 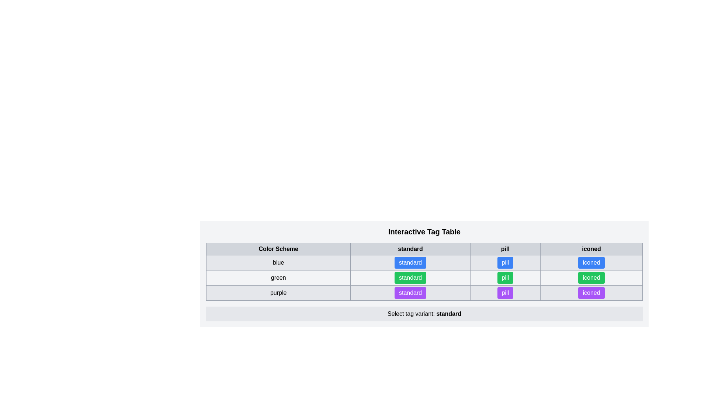 I want to click on the green button with rounded corners labeled 'iconed', so click(x=591, y=277).